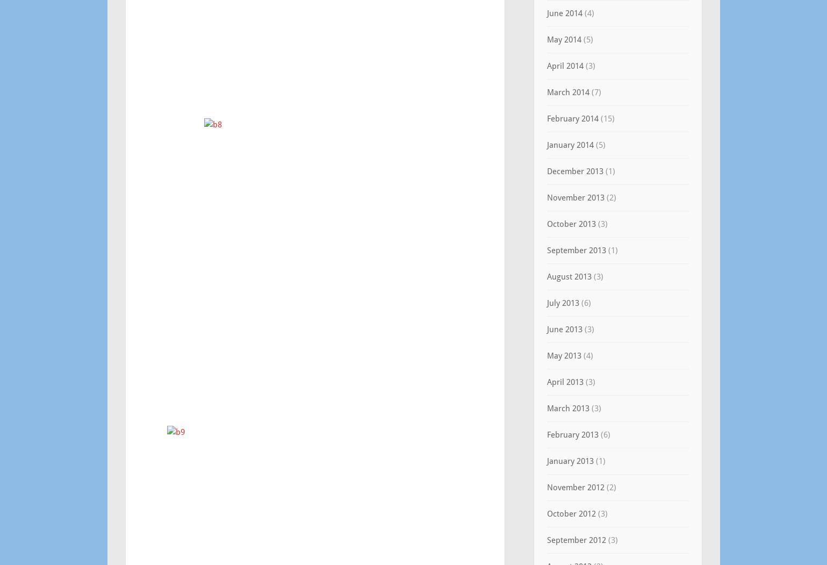  I want to click on 'February 2013', so click(571, 434).